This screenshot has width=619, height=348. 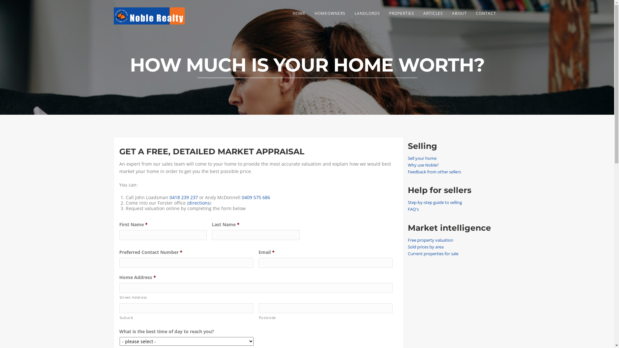 What do you see at coordinates (430, 240) in the screenshot?
I see `'Free property valuation'` at bounding box center [430, 240].